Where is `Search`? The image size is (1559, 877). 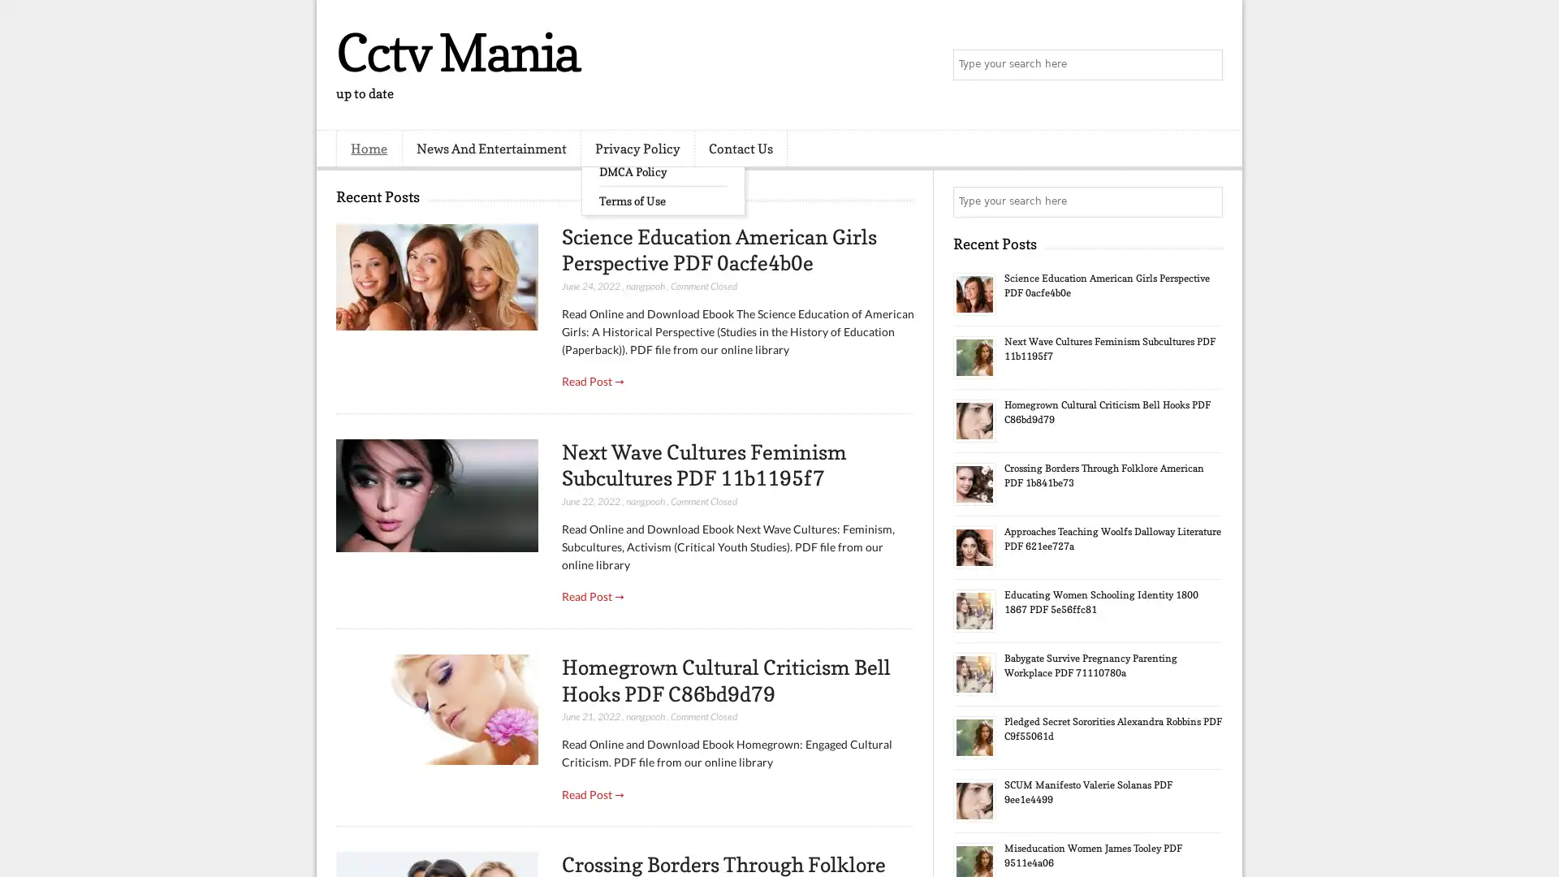
Search is located at coordinates (1206, 65).